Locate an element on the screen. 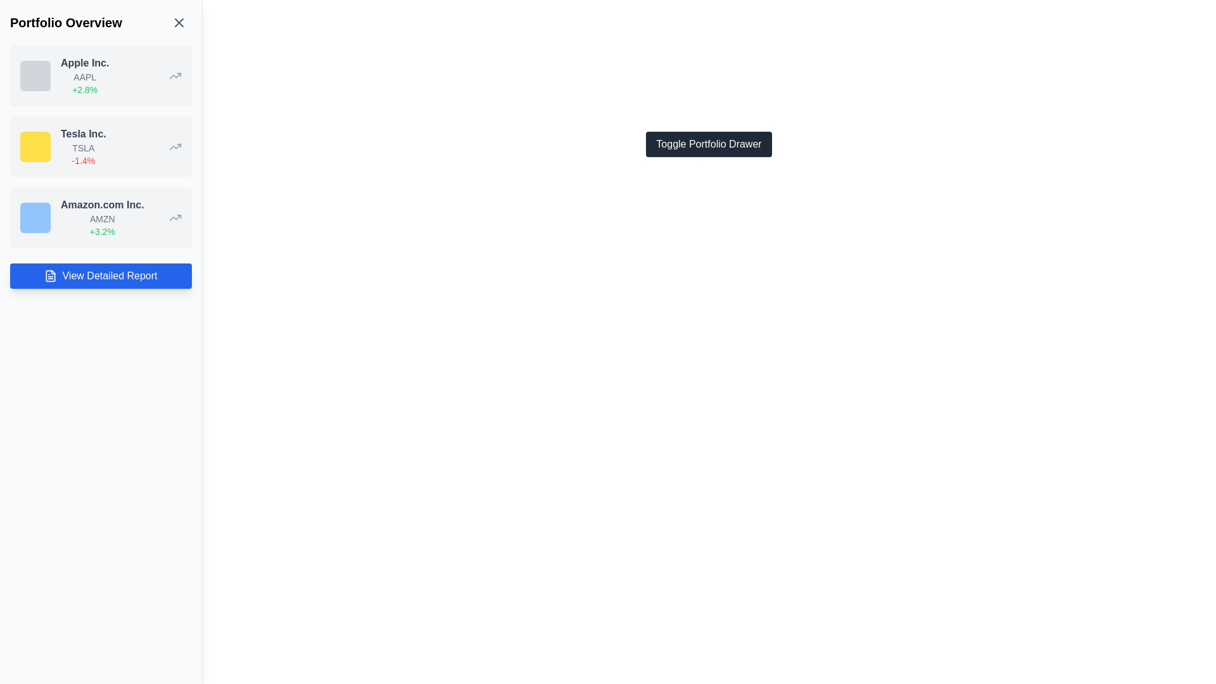 The image size is (1216, 684). the text block containing 'Apple Inc.', 'AAPL', and '+2.8%' which is located in the top-left section of the list, representing a company with a trending icon on its far-right is located at coordinates (84, 75).